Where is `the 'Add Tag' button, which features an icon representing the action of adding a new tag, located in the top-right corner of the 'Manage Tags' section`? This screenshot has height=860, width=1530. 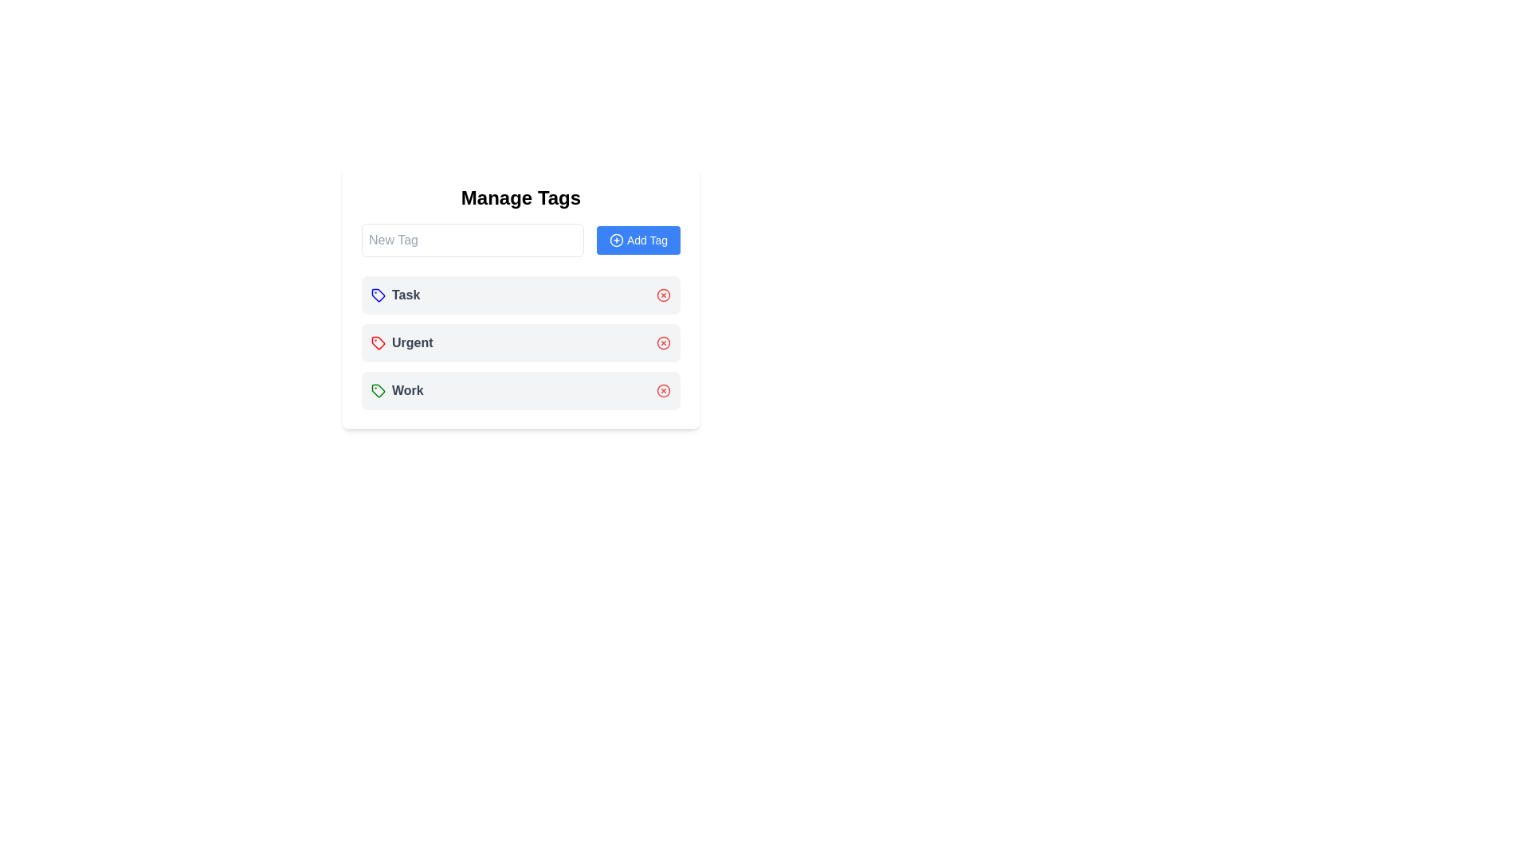
the 'Add Tag' button, which features an icon representing the action of adding a new tag, located in the top-right corner of the 'Manage Tags' section is located at coordinates (615, 240).